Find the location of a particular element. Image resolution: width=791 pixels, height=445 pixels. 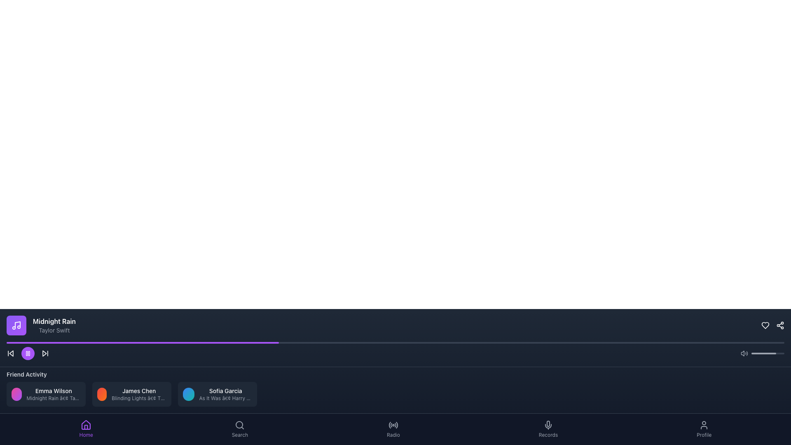

the line segment styled with a rounded edge within the SVG graphic that is part of a circular structure in the bottom navigation menu is located at coordinates (389, 425).